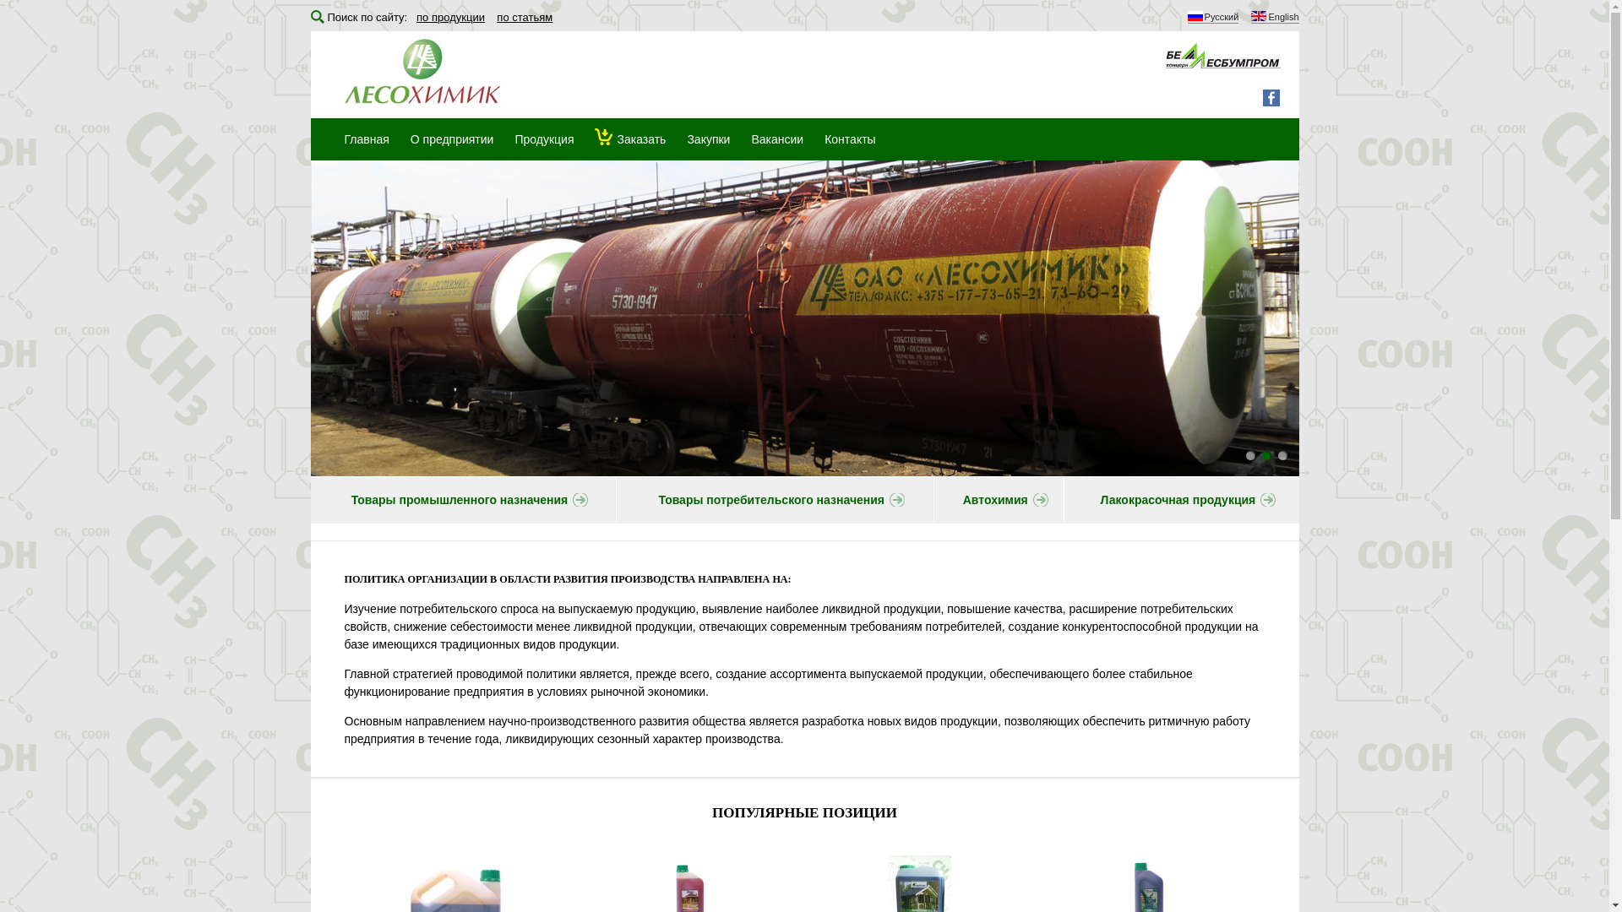  Describe the element at coordinates (1274, 18) in the screenshot. I see `'English'` at that location.